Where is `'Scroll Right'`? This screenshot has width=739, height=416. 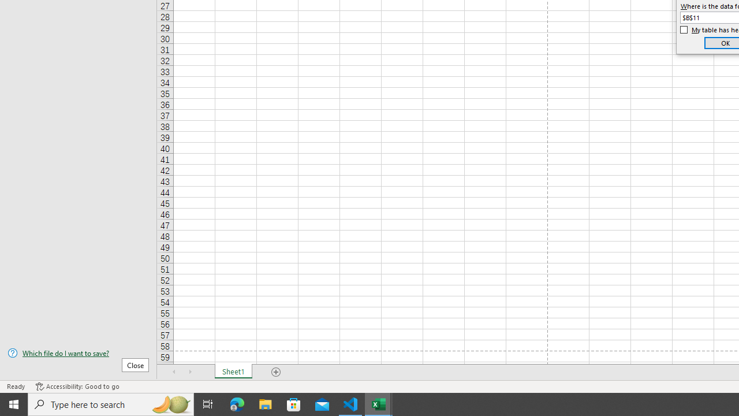 'Scroll Right' is located at coordinates (191, 372).